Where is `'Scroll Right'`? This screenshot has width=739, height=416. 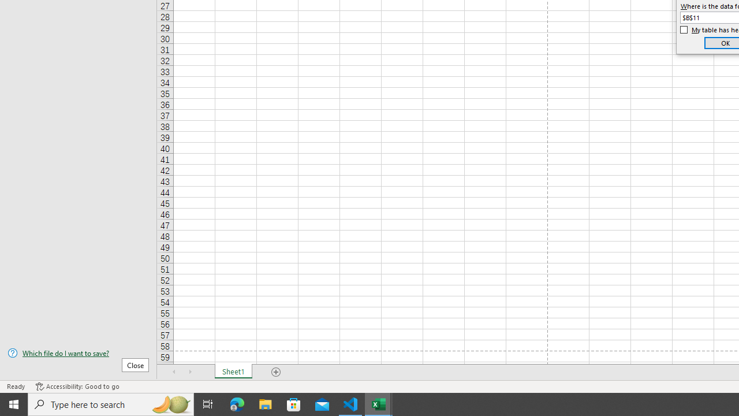 'Scroll Right' is located at coordinates (191, 372).